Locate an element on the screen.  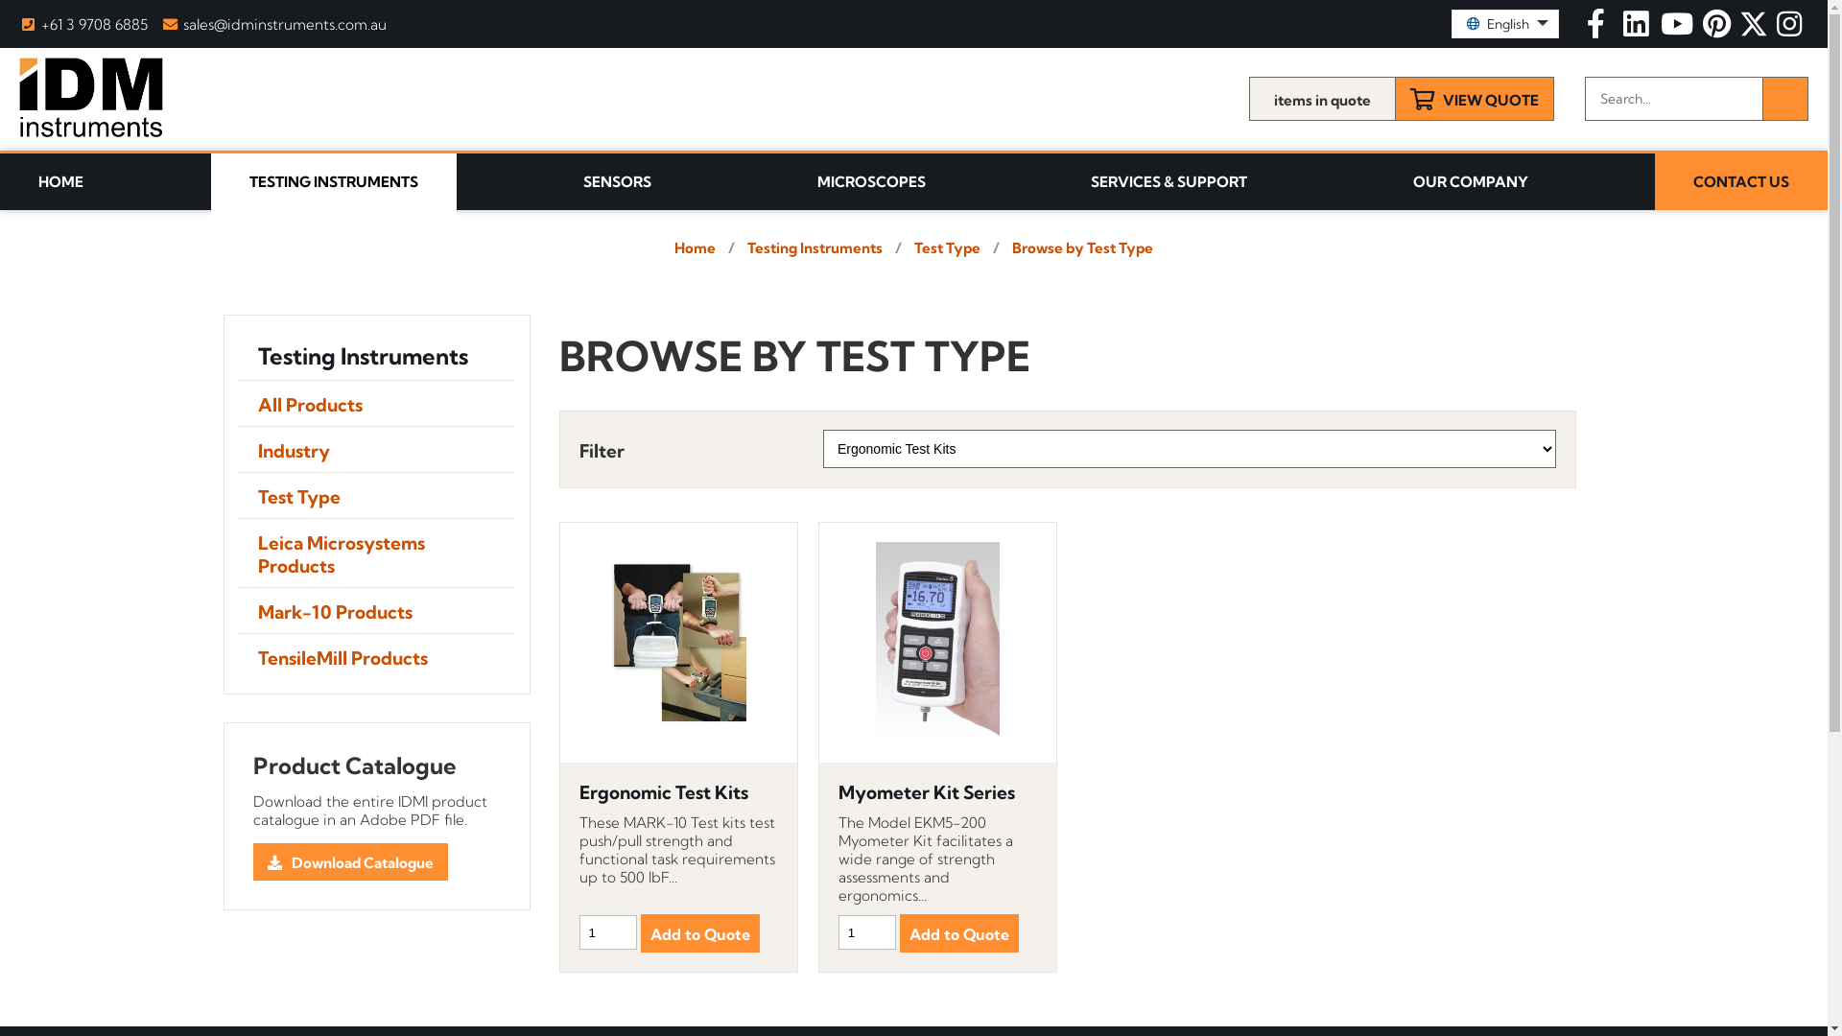
'TESTING INSTRUMENTS' is located at coordinates (333, 185).